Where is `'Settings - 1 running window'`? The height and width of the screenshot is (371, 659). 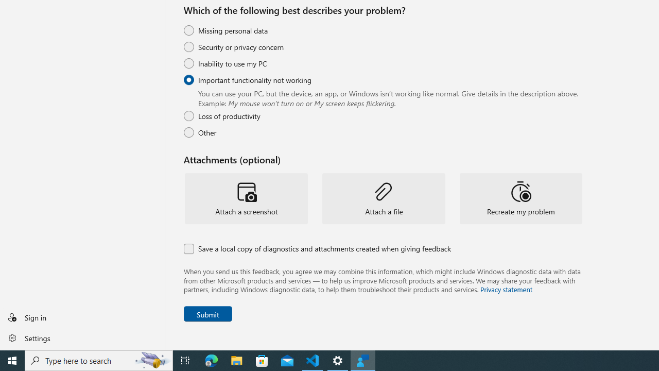
'Settings - 1 running window' is located at coordinates (338, 360).